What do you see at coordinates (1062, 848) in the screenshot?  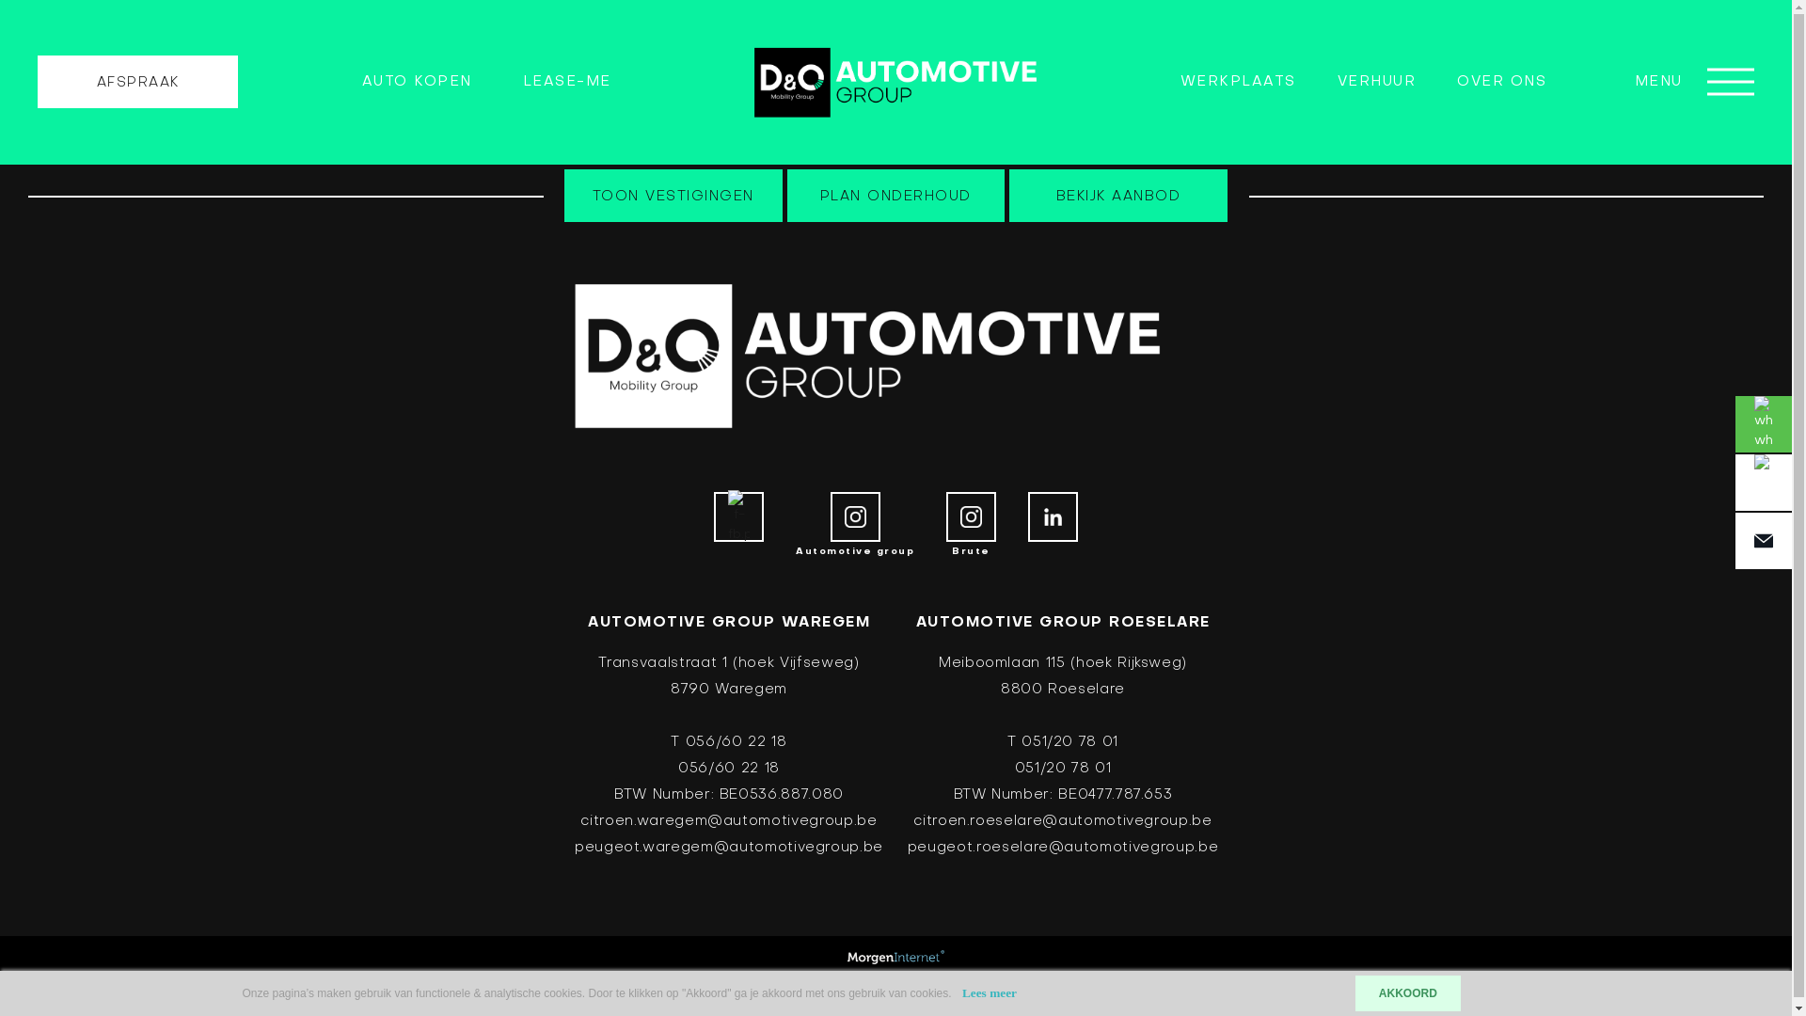 I see `'peugeot.roeselare@automotivegroup.be'` at bounding box center [1062, 848].